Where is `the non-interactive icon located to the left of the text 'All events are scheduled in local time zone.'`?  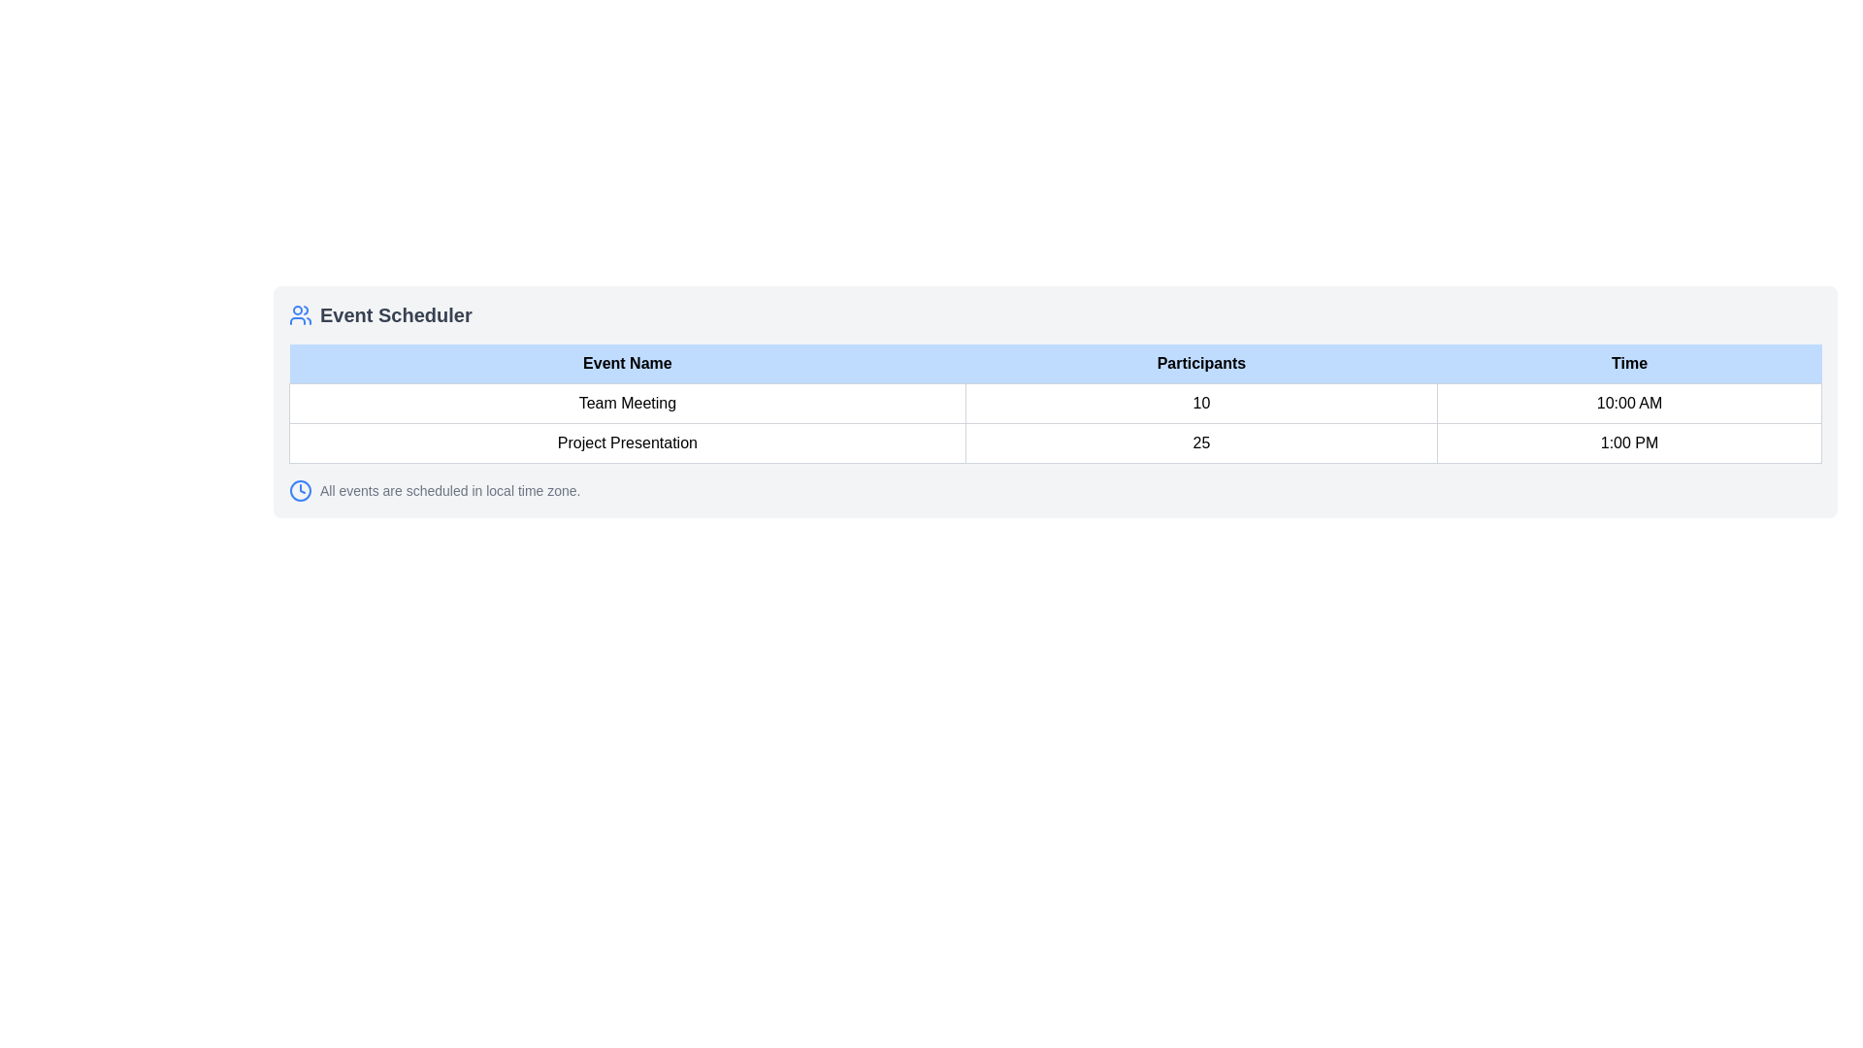 the non-interactive icon located to the left of the text 'All events are scheduled in local time zone.' is located at coordinates (300, 489).